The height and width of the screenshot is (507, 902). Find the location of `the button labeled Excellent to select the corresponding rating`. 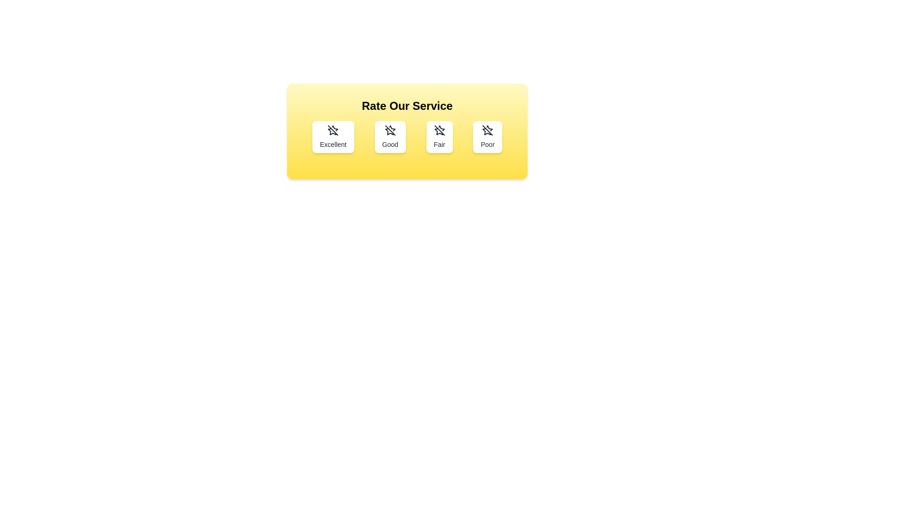

the button labeled Excellent to select the corresponding rating is located at coordinates (333, 137).